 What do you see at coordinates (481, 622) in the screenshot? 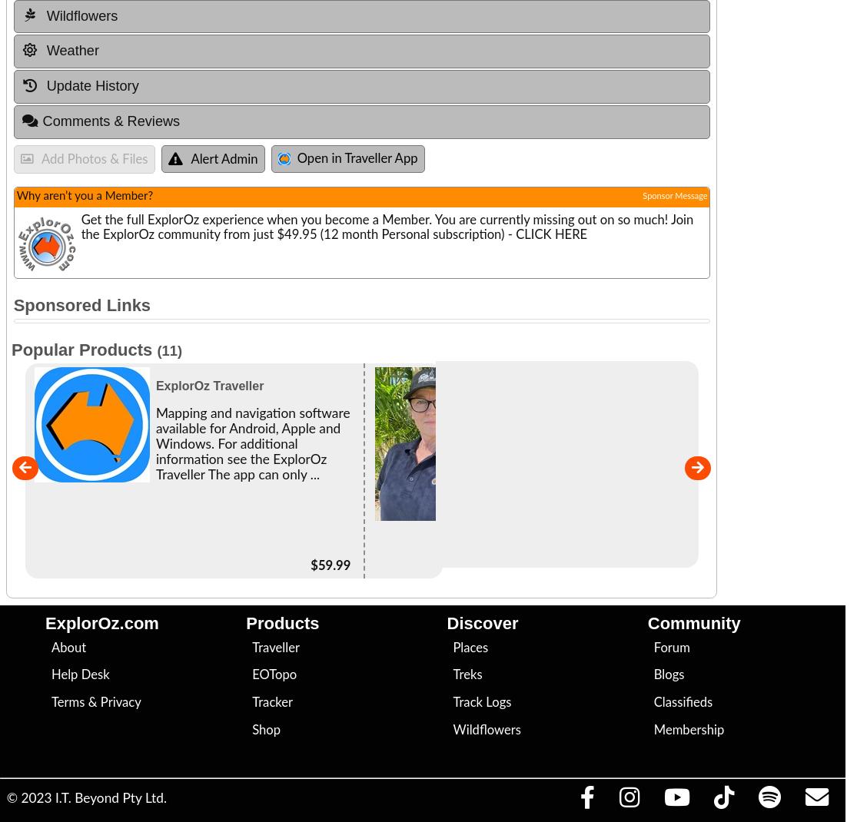
I see `'Discover'` at bounding box center [481, 622].